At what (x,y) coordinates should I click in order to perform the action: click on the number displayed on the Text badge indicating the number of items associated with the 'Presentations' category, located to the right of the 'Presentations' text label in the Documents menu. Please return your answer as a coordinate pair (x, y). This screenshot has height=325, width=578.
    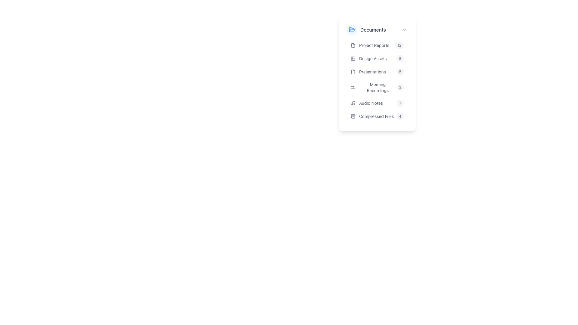
    Looking at the image, I should click on (400, 72).